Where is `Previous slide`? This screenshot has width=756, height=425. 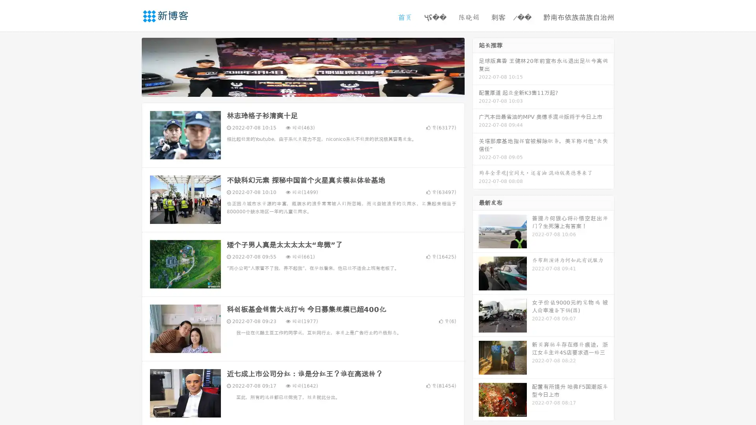 Previous slide is located at coordinates (130, 66).